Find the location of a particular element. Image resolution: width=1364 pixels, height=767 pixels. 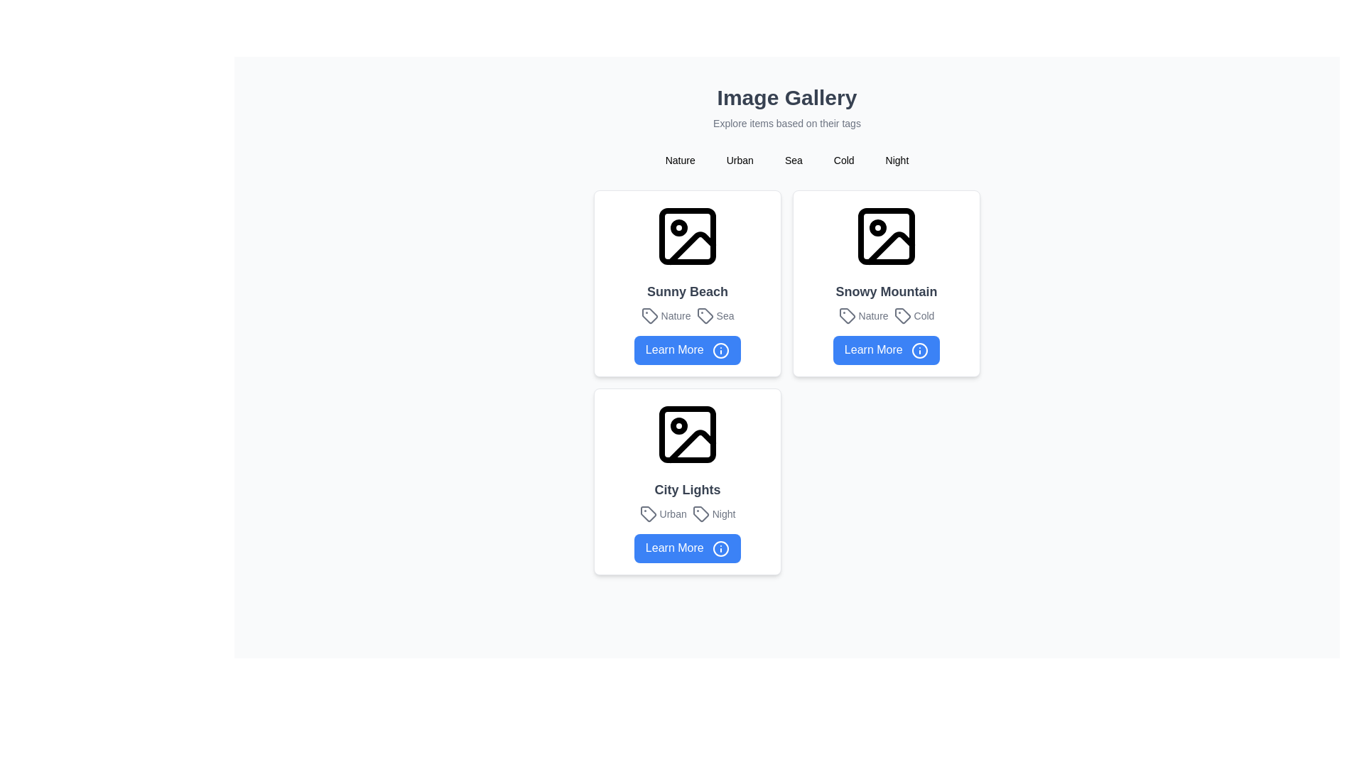

the decorative icon that enhances the 'Night' label associated with the 'City Lights' card, located in the lower section of the interface is located at coordinates (700, 513).